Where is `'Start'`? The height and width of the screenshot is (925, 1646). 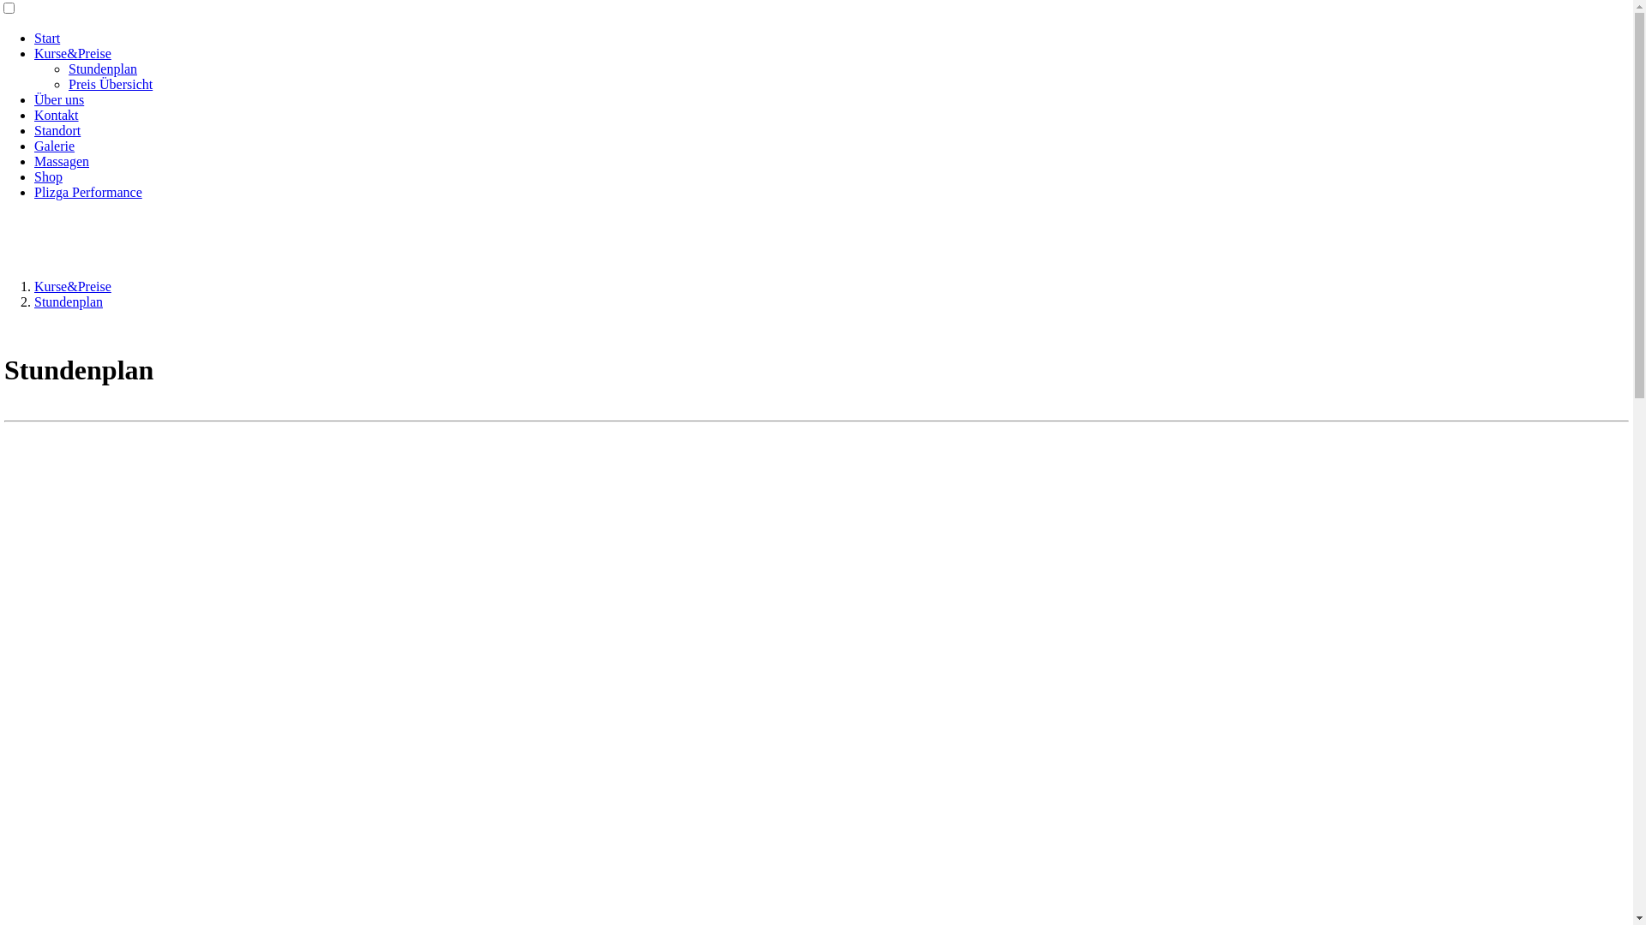 'Start' is located at coordinates (46, 38).